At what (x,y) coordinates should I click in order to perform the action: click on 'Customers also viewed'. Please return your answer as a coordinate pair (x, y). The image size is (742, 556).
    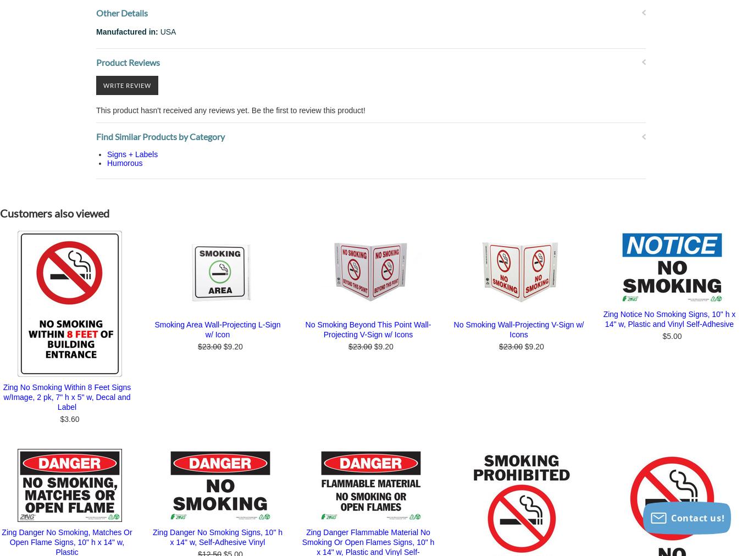
    Looking at the image, I should click on (54, 213).